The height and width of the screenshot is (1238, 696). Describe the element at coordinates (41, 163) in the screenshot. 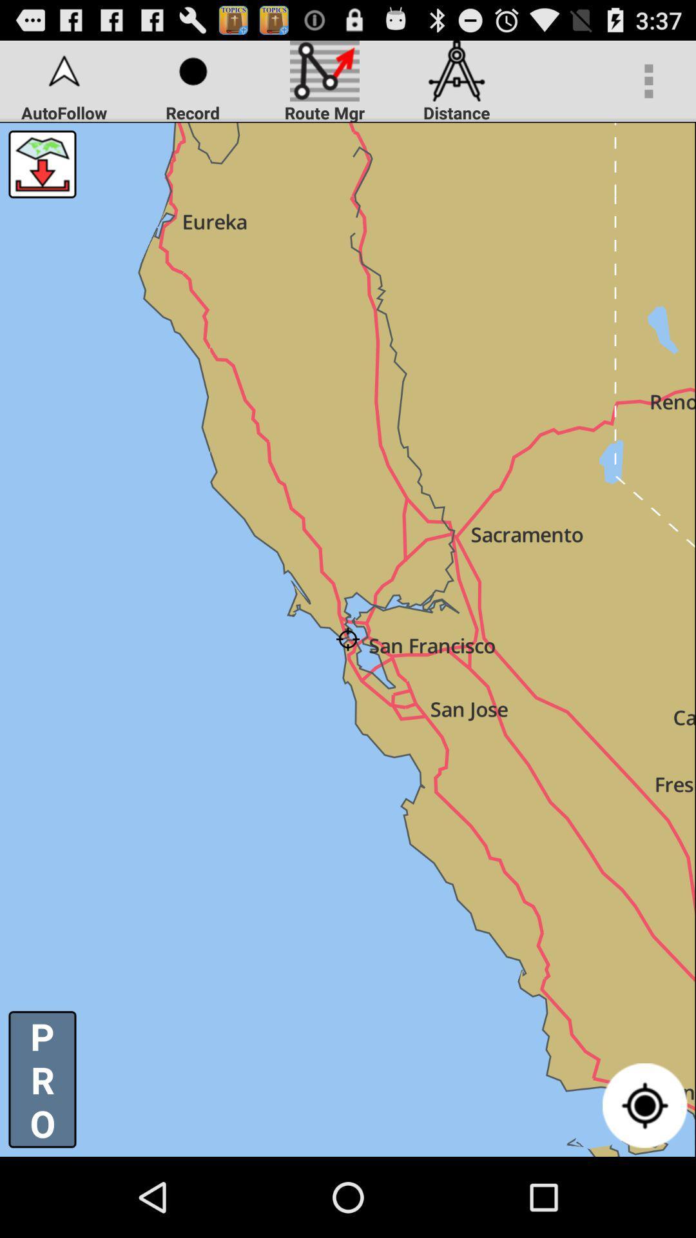

I see `the icon below autofollow item` at that location.